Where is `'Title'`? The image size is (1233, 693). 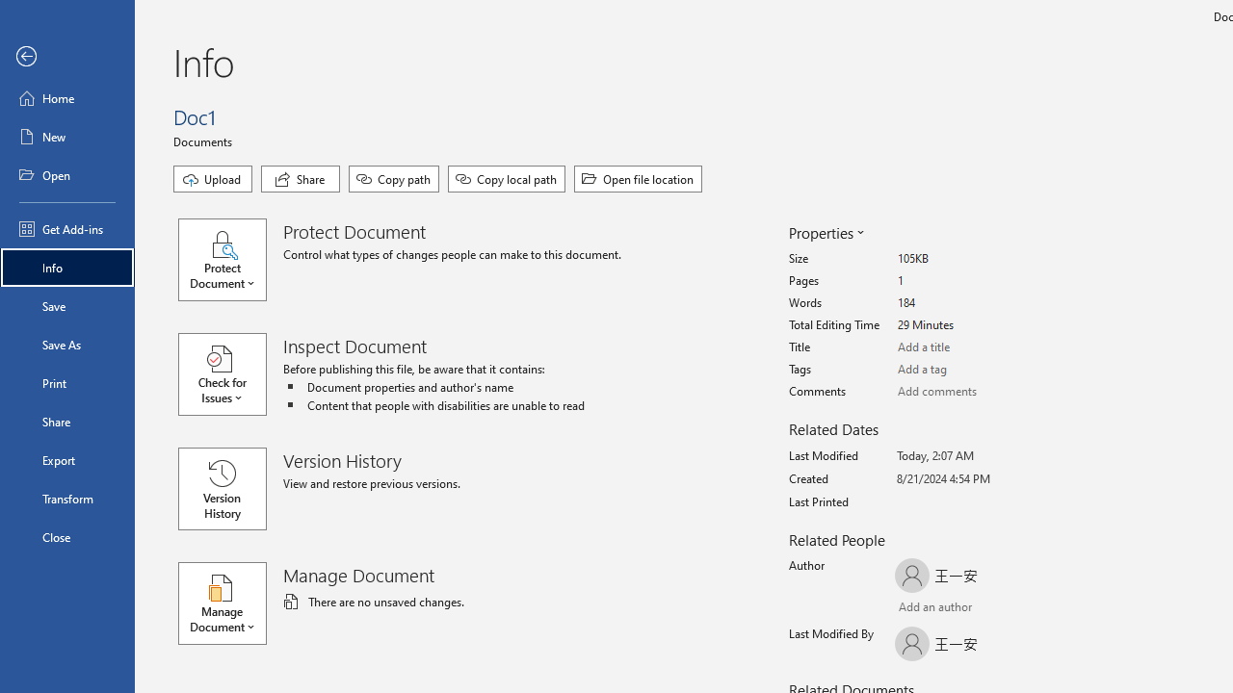 'Title' is located at coordinates (969, 347).